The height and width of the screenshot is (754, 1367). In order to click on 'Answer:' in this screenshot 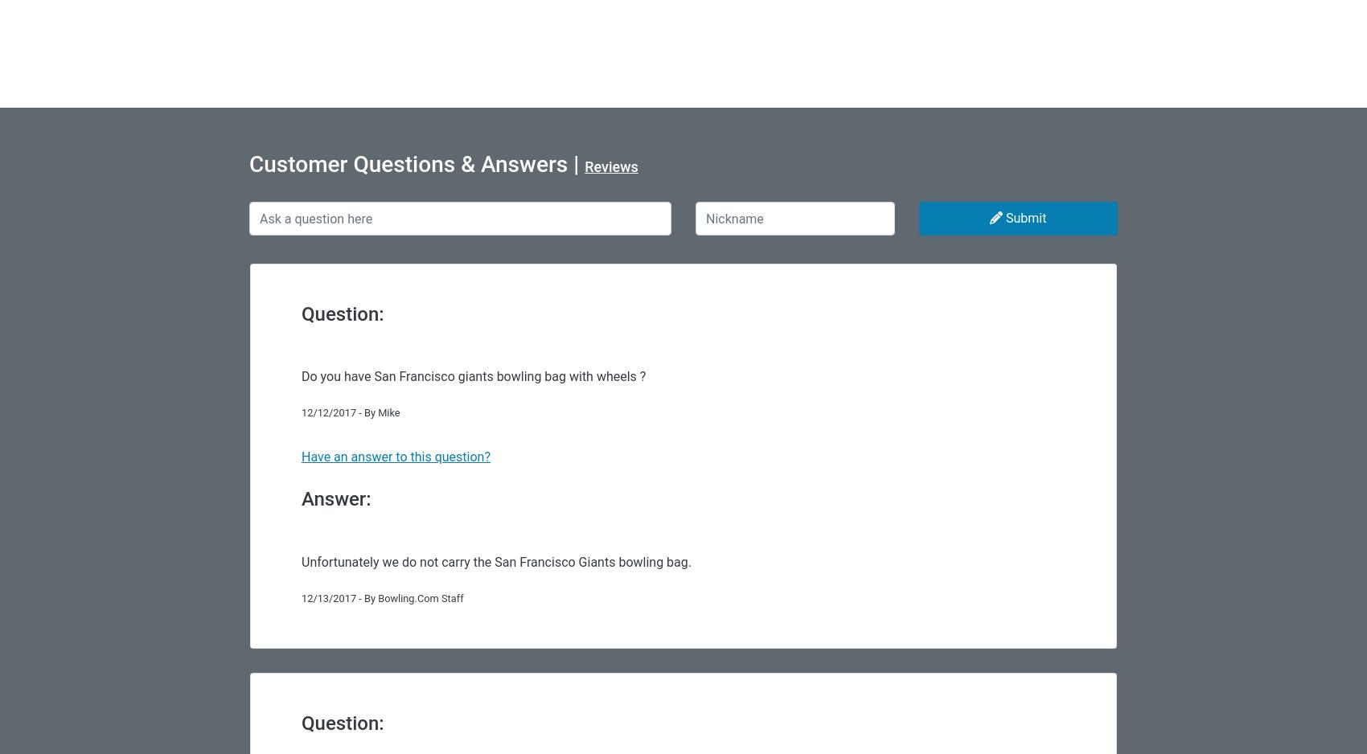, I will do `click(335, 498)`.